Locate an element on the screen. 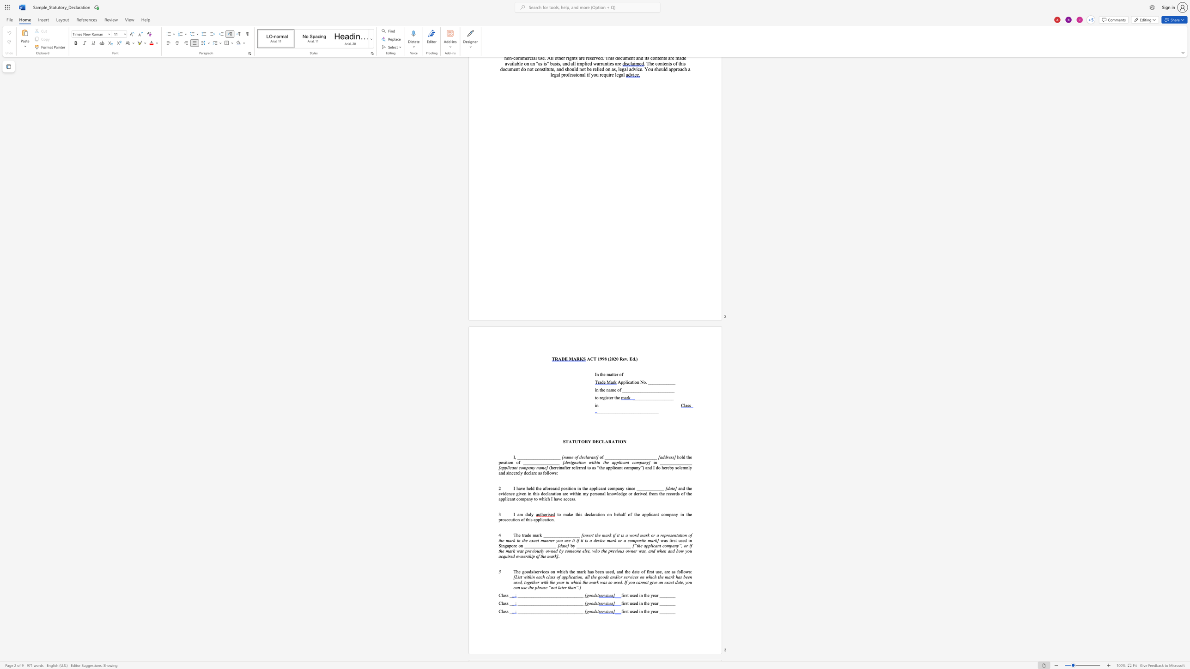 The width and height of the screenshot is (1190, 669). the 2th character "e" in the text is located at coordinates (611, 397).